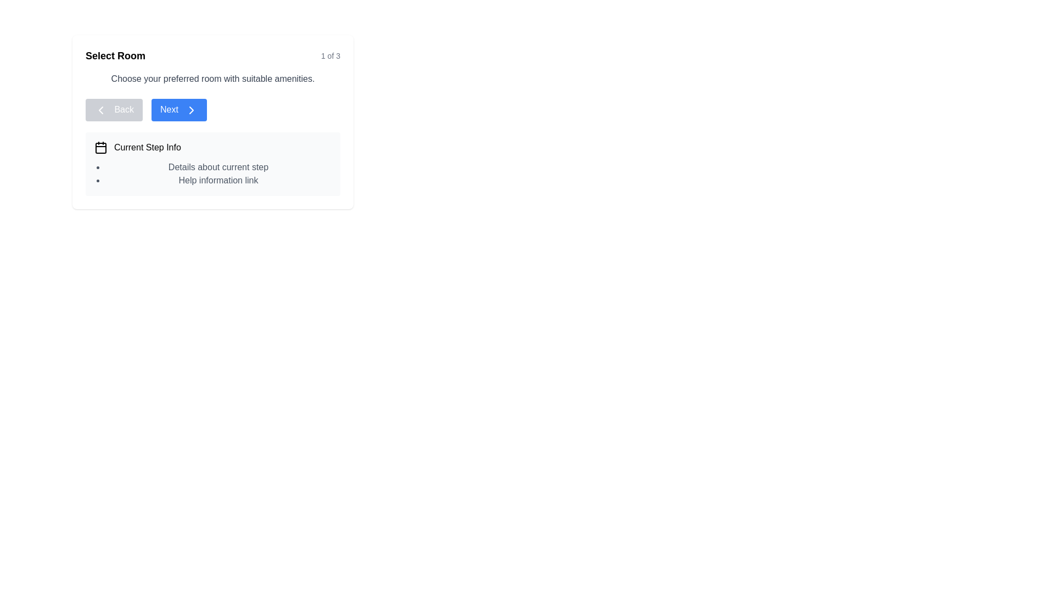 Image resolution: width=1054 pixels, height=593 pixels. I want to click on the rightward-facing arrow icon outlined in white on the blue 'Next' button to observe the hover effects, so click(192, 110).